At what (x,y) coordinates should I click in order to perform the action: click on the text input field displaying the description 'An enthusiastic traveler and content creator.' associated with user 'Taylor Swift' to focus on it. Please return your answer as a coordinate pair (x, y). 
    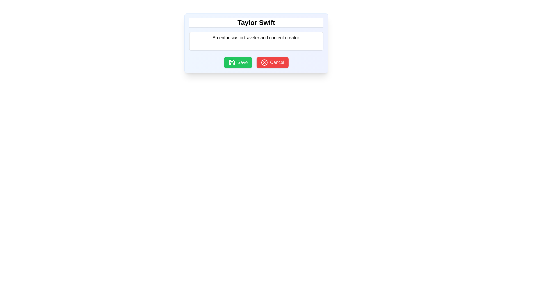
    Looking at the image, I should click on (256, 35).